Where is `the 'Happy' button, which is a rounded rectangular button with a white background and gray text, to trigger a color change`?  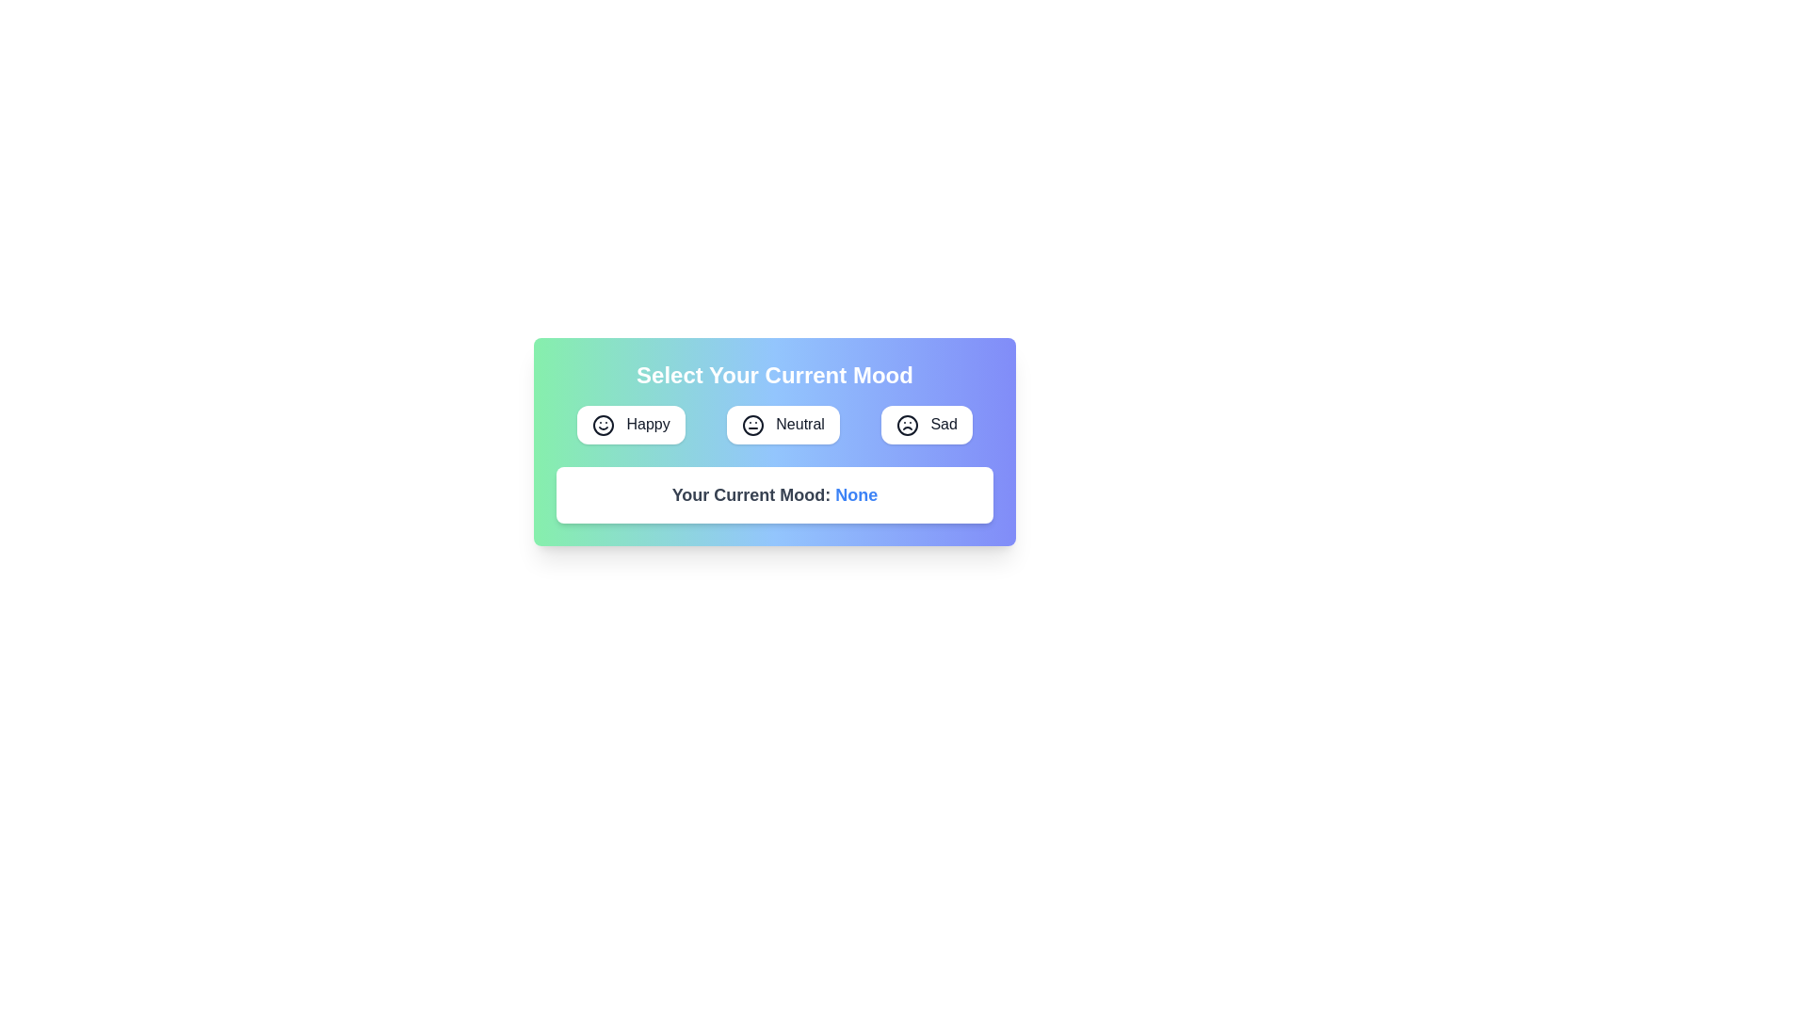
the 'Happy' button, which is a rounded rectangular button with a white background and gray text, to trigger a color change is located at coordinates (631, 425).